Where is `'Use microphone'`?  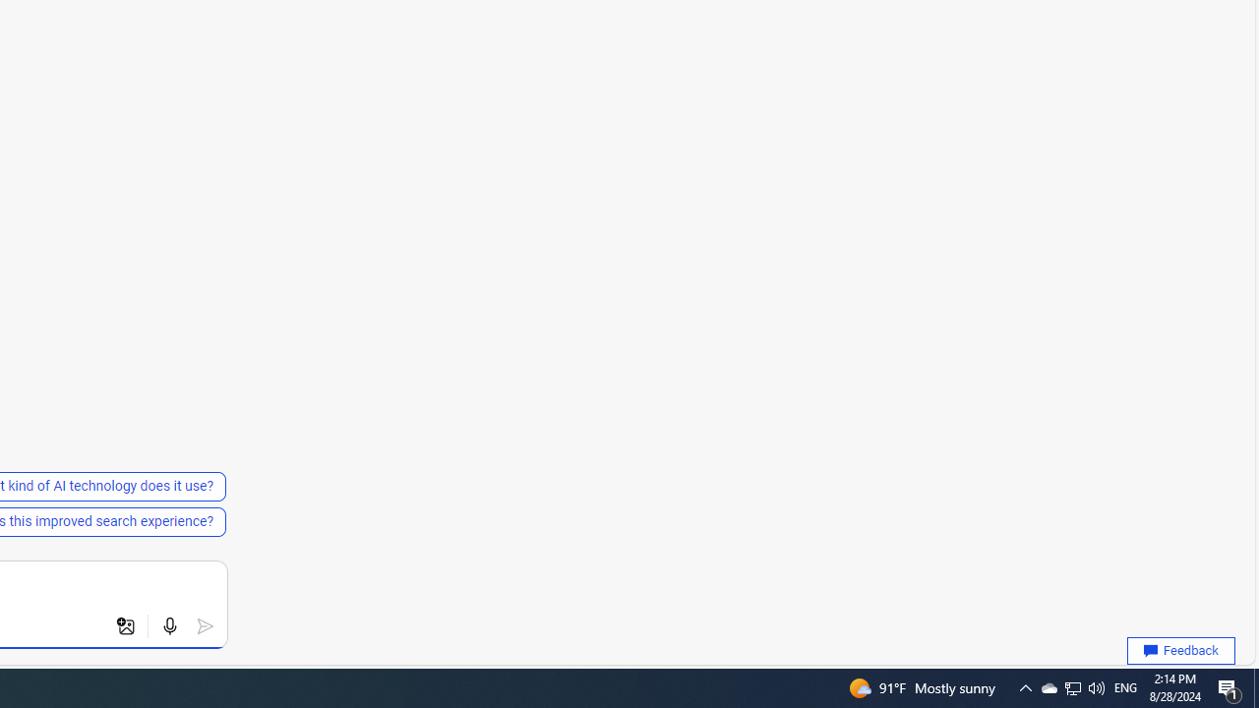 'Use microphone' is located at coordinates (169, 626).